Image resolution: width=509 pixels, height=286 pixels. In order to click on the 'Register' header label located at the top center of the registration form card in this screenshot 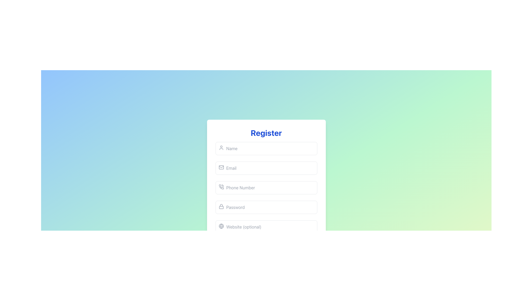, I will do `click(266, 132)`.